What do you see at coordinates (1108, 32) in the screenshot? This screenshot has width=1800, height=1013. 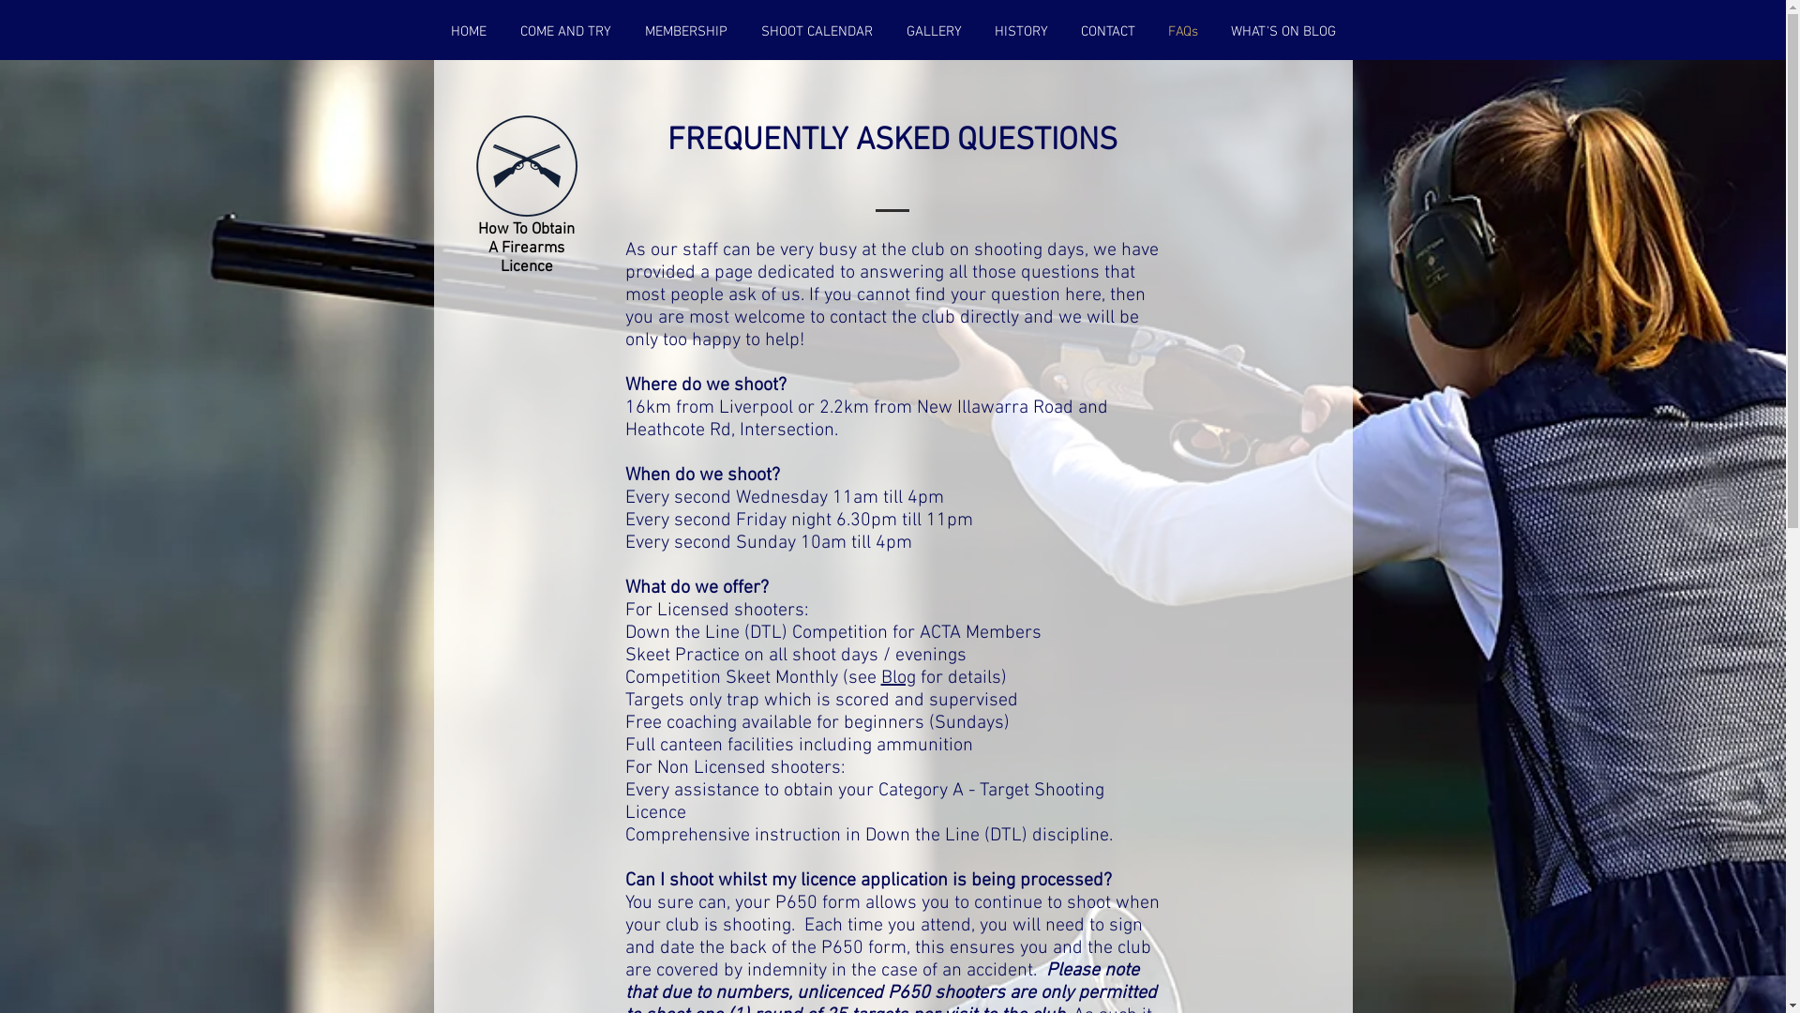 I see `'CONTACT'` at bounding box center [1108, 32].